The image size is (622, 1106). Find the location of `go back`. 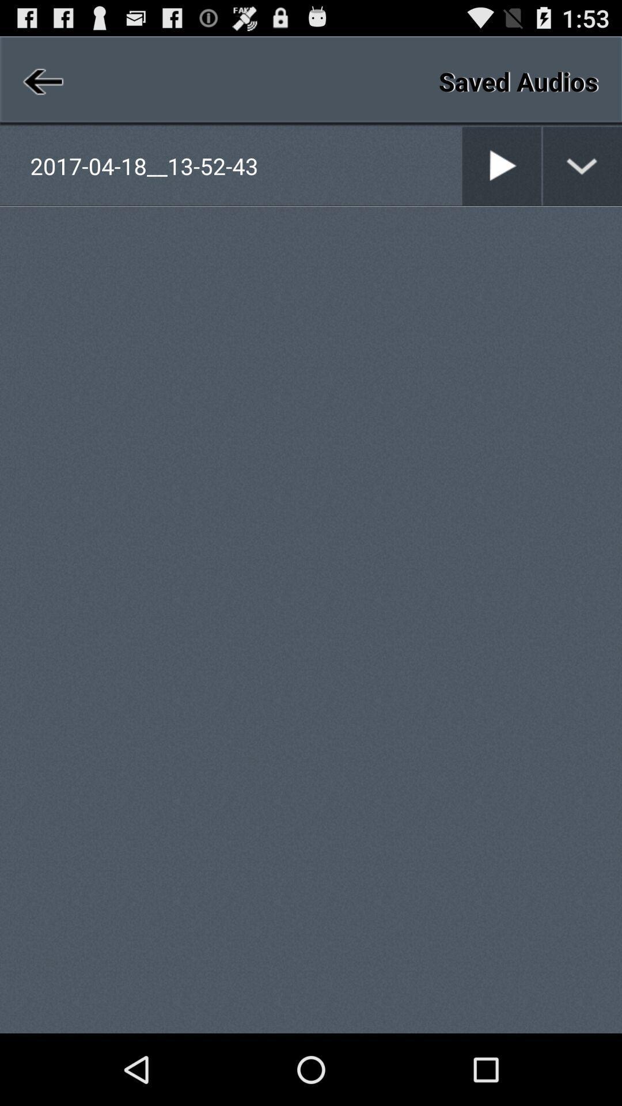

go back is located at coordinates (41, 81).